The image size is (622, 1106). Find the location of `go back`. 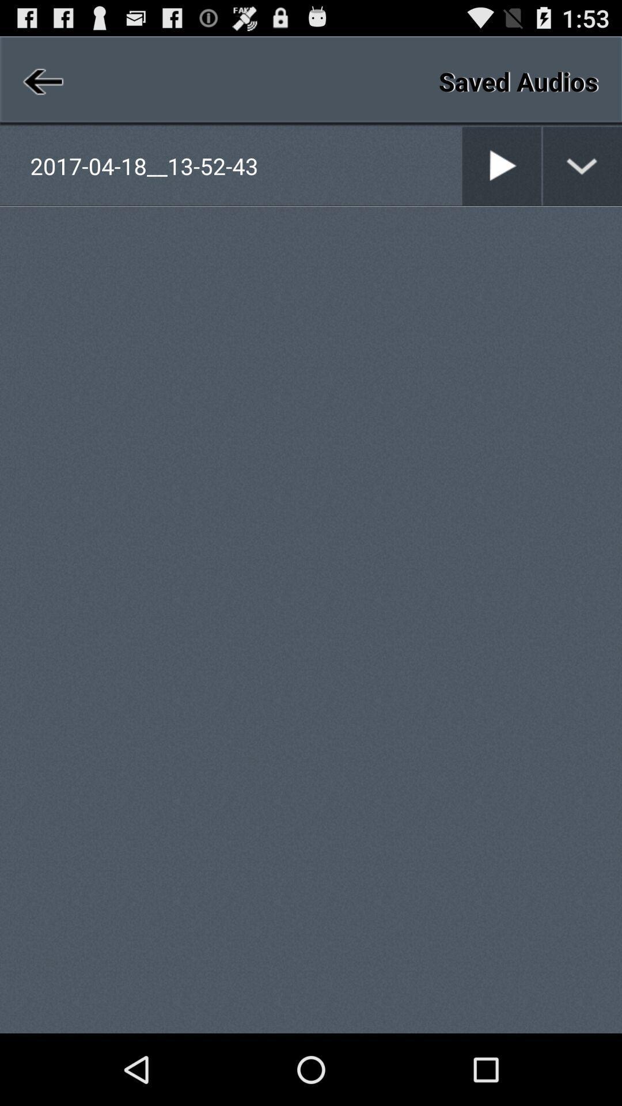

go back is located at coordinates (41, 81).